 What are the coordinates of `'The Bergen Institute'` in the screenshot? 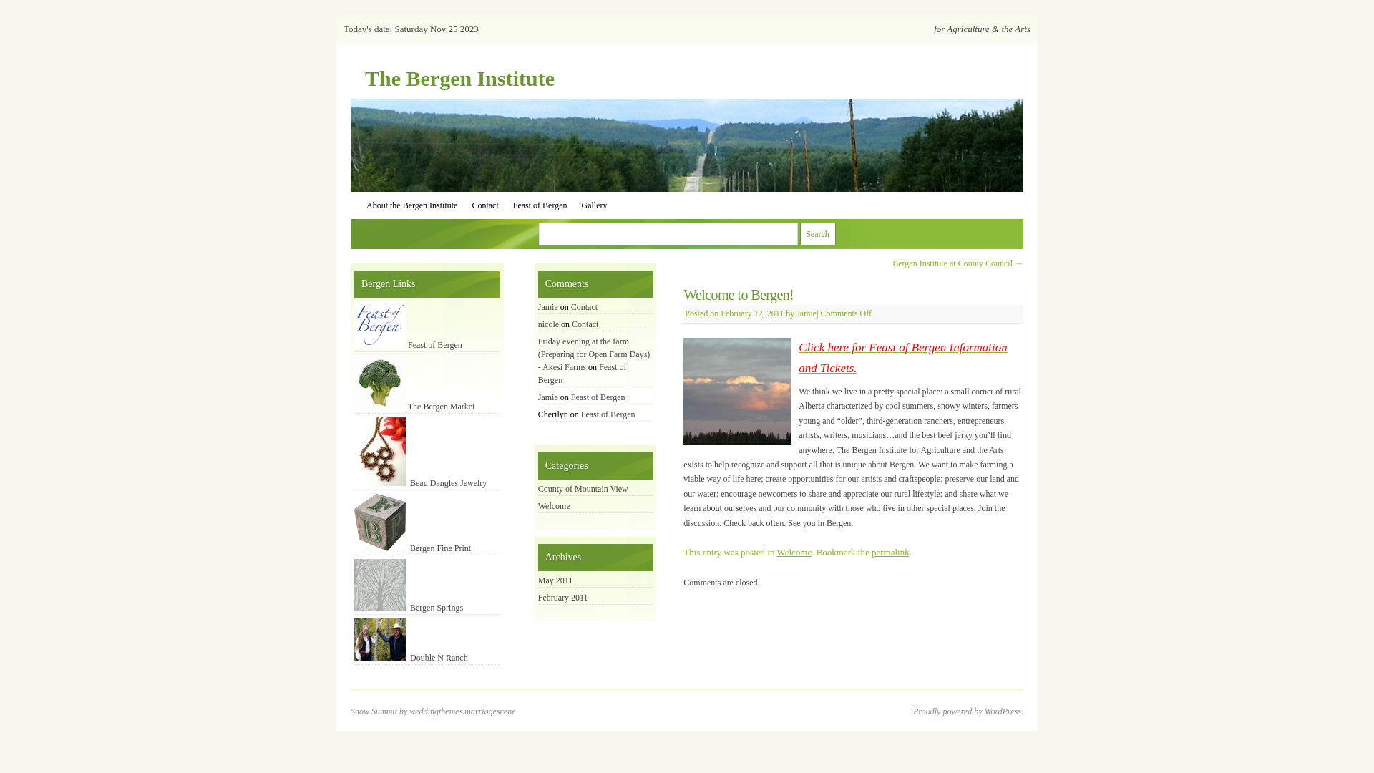 It's located at (459, 78).